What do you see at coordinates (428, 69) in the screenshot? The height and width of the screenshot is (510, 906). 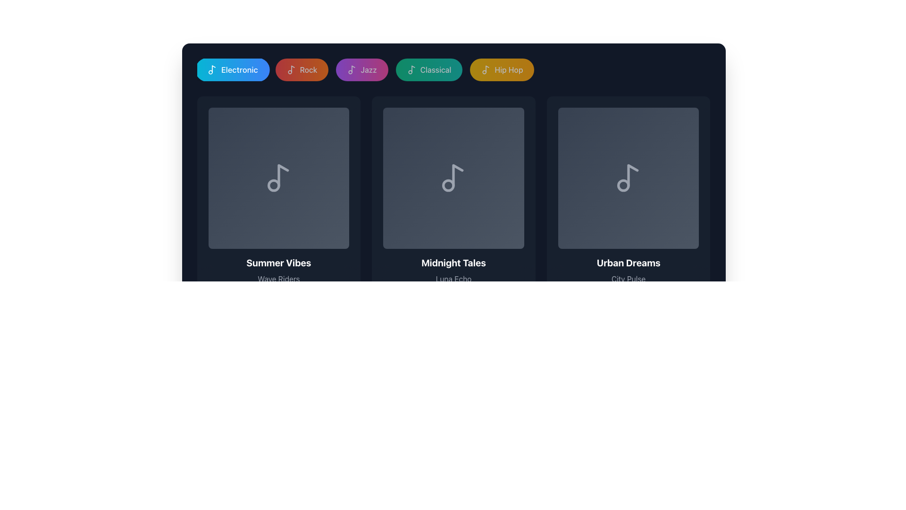 I see `the 'Classical' genre filter button, which is the fourth button in a row of genre buttons above the main content, located between the 'Jazz' and 'Hip Hop' buttons` at bounding box center [428, 69].